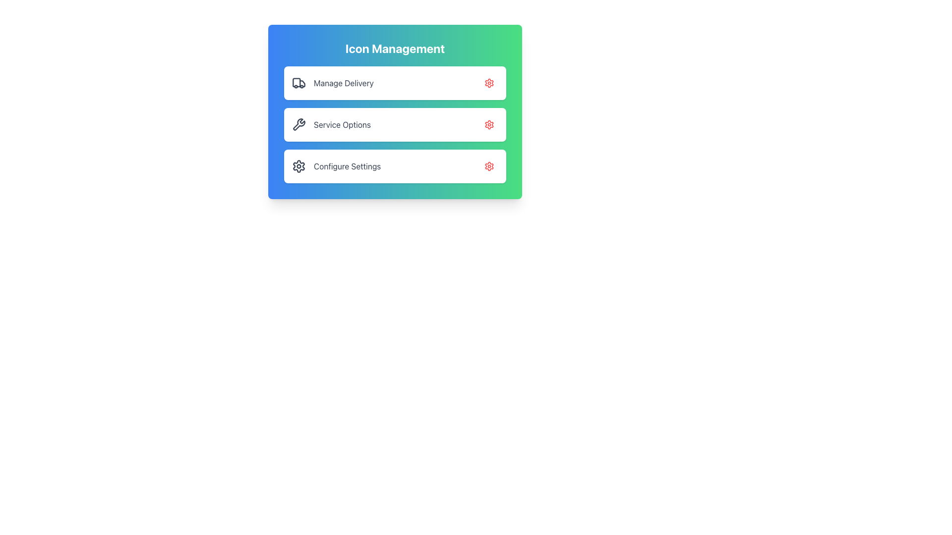 This screenshot has height=535, width=952. What do you see at coordinates (336, 165) in the screenshot?
I see `the clickable list item representing a configurable option in the 'Icon Management' section, located below 'Manage Delivery' and 'Service Options'` at bounding box center [336, 165].